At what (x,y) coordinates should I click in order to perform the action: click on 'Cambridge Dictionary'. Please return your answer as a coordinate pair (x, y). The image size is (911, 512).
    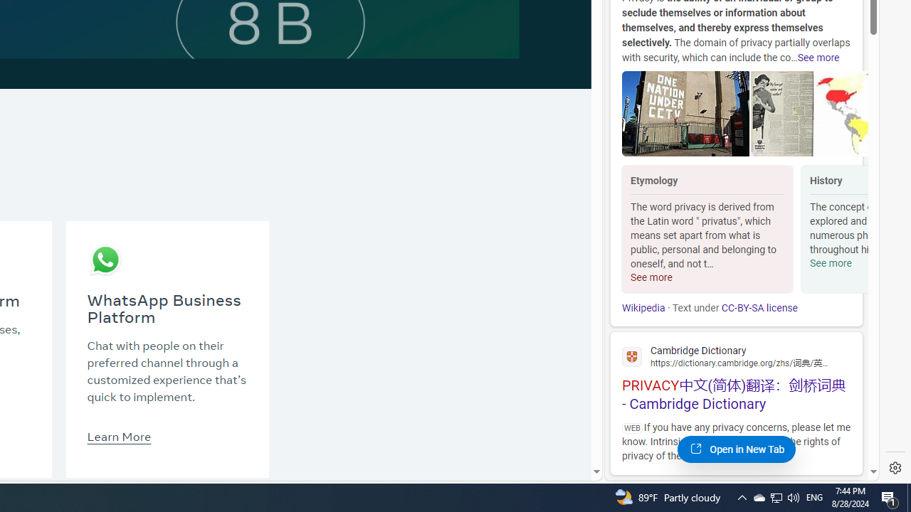
    Looking at the image, I should click on (736, 355).